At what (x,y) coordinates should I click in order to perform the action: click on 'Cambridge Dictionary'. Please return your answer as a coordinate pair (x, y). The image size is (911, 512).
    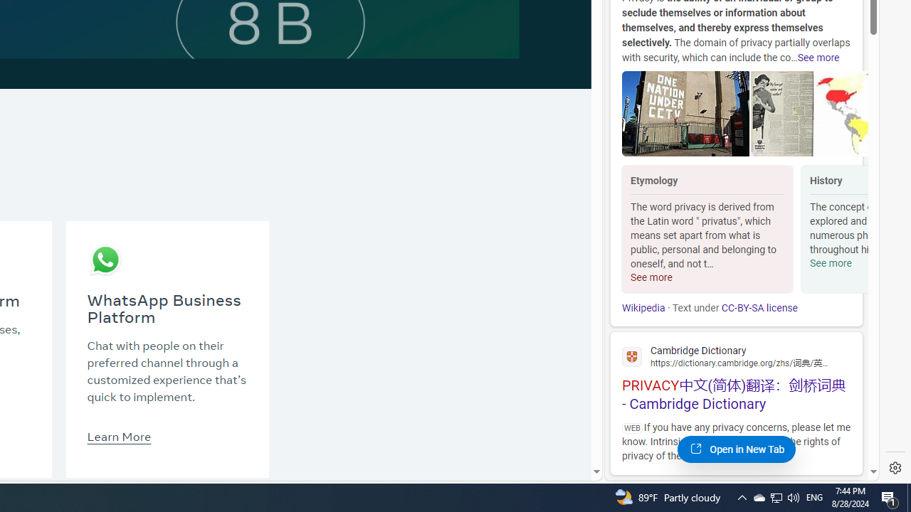
    Looking at the image, I should click on (736, 355).